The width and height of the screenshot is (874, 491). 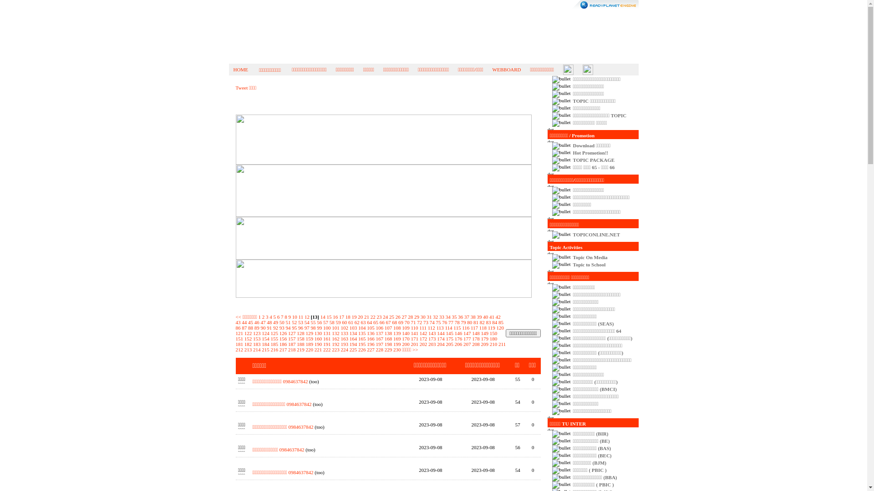 What do you see at coordinates (472, 338) in the screenshot?
I see `'178'` at bounding box center [472, 338].